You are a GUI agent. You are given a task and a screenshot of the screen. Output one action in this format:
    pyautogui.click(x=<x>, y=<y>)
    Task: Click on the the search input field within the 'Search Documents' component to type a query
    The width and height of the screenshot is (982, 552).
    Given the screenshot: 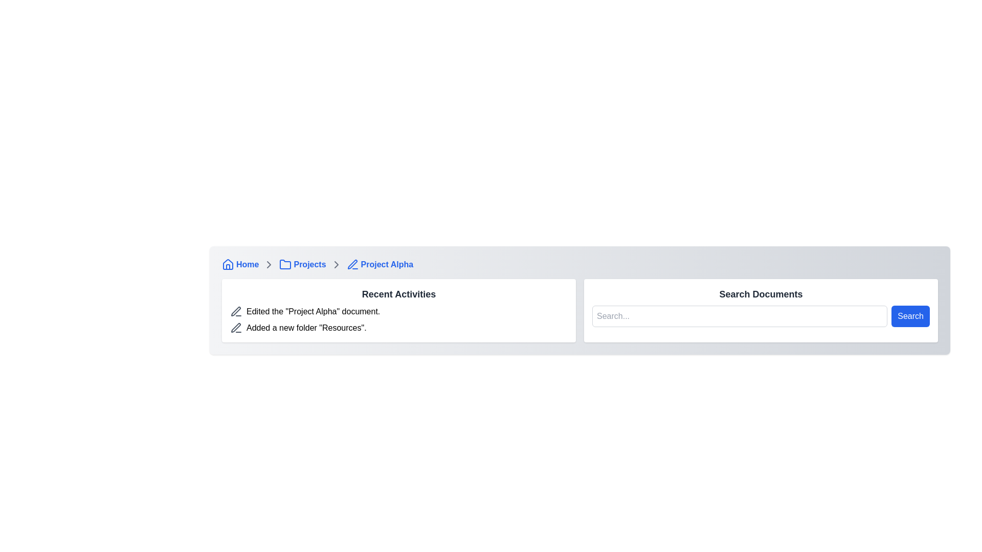 What is the action you would take?
    pyautogui.click(x=761, y=310)
    